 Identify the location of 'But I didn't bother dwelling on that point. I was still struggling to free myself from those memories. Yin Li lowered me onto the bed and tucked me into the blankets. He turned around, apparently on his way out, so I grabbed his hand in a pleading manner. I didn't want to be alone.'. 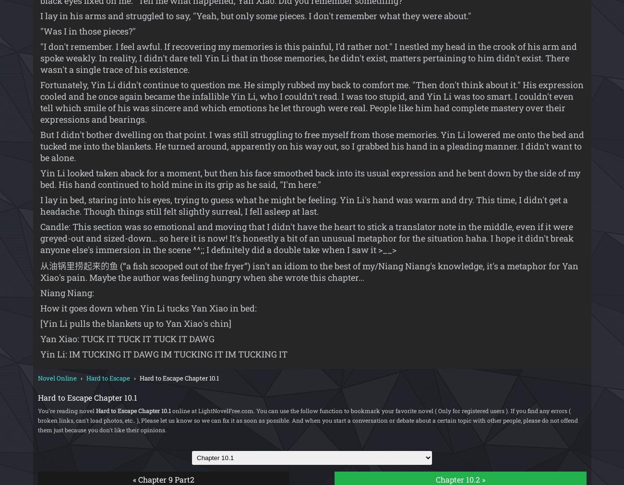
(312, 146).